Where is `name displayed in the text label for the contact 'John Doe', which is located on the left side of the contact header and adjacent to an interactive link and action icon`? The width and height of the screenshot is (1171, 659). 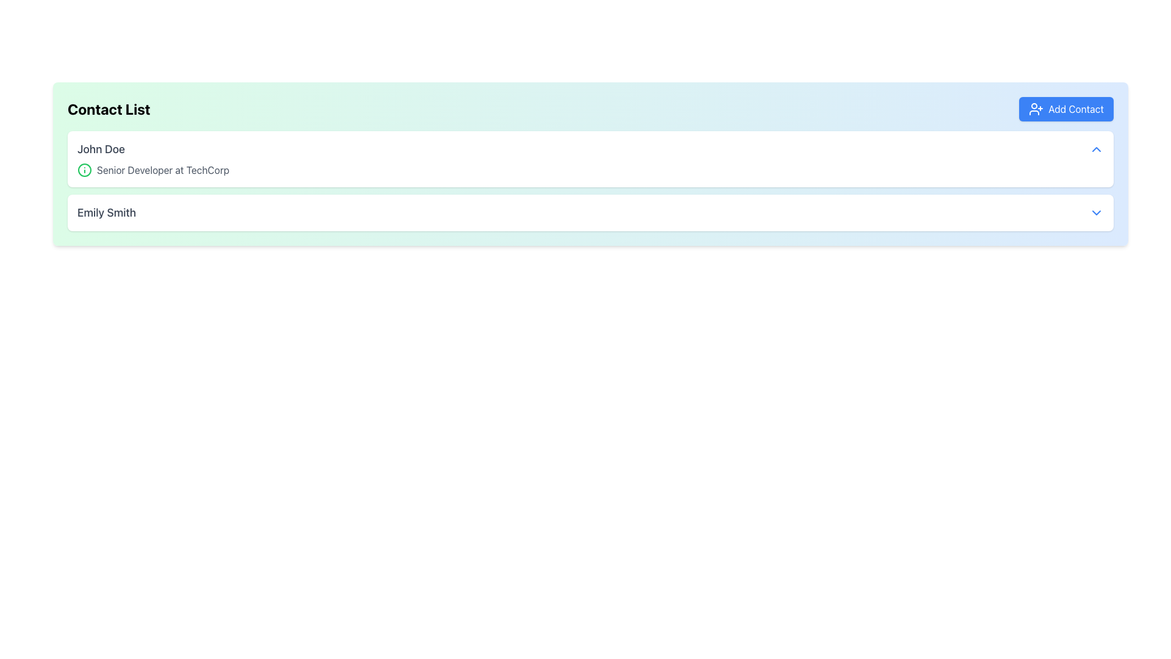 name displayed in the text label for the contact 'John Doe', which is located on the left side of the contact header and adjacent to an interactive link and action icon is located at coordinates (101, 149).